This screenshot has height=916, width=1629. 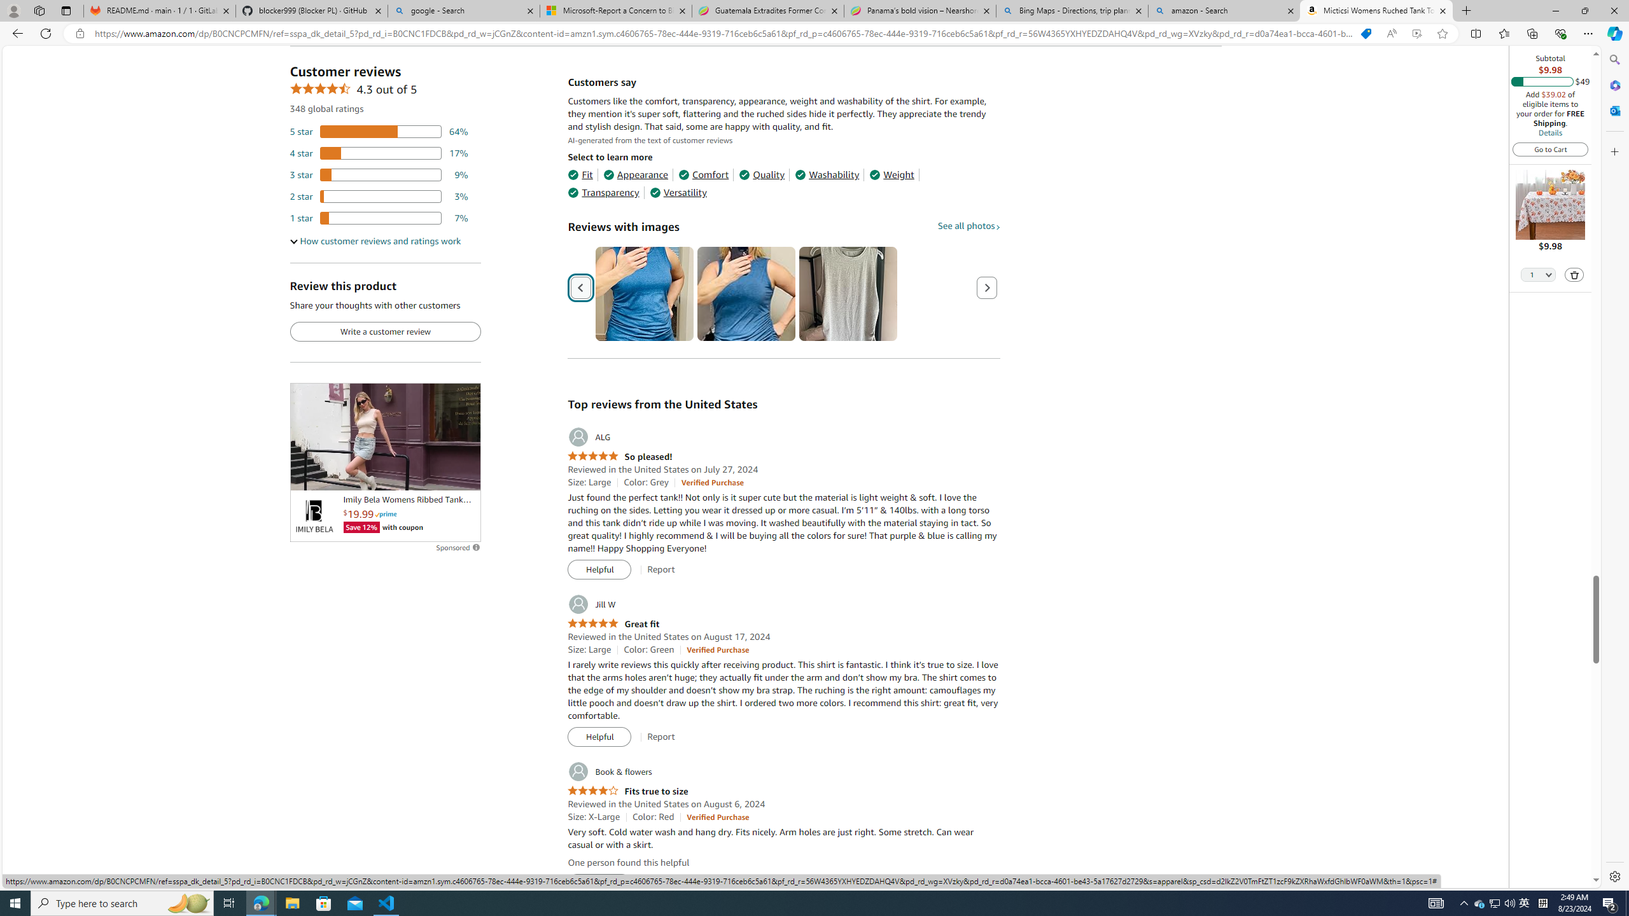 What do you see at coordinates (612, 623) in the screenshot?
I see `'5.0 out of 5 stars Great fit'` at bounding box center [612, 623].